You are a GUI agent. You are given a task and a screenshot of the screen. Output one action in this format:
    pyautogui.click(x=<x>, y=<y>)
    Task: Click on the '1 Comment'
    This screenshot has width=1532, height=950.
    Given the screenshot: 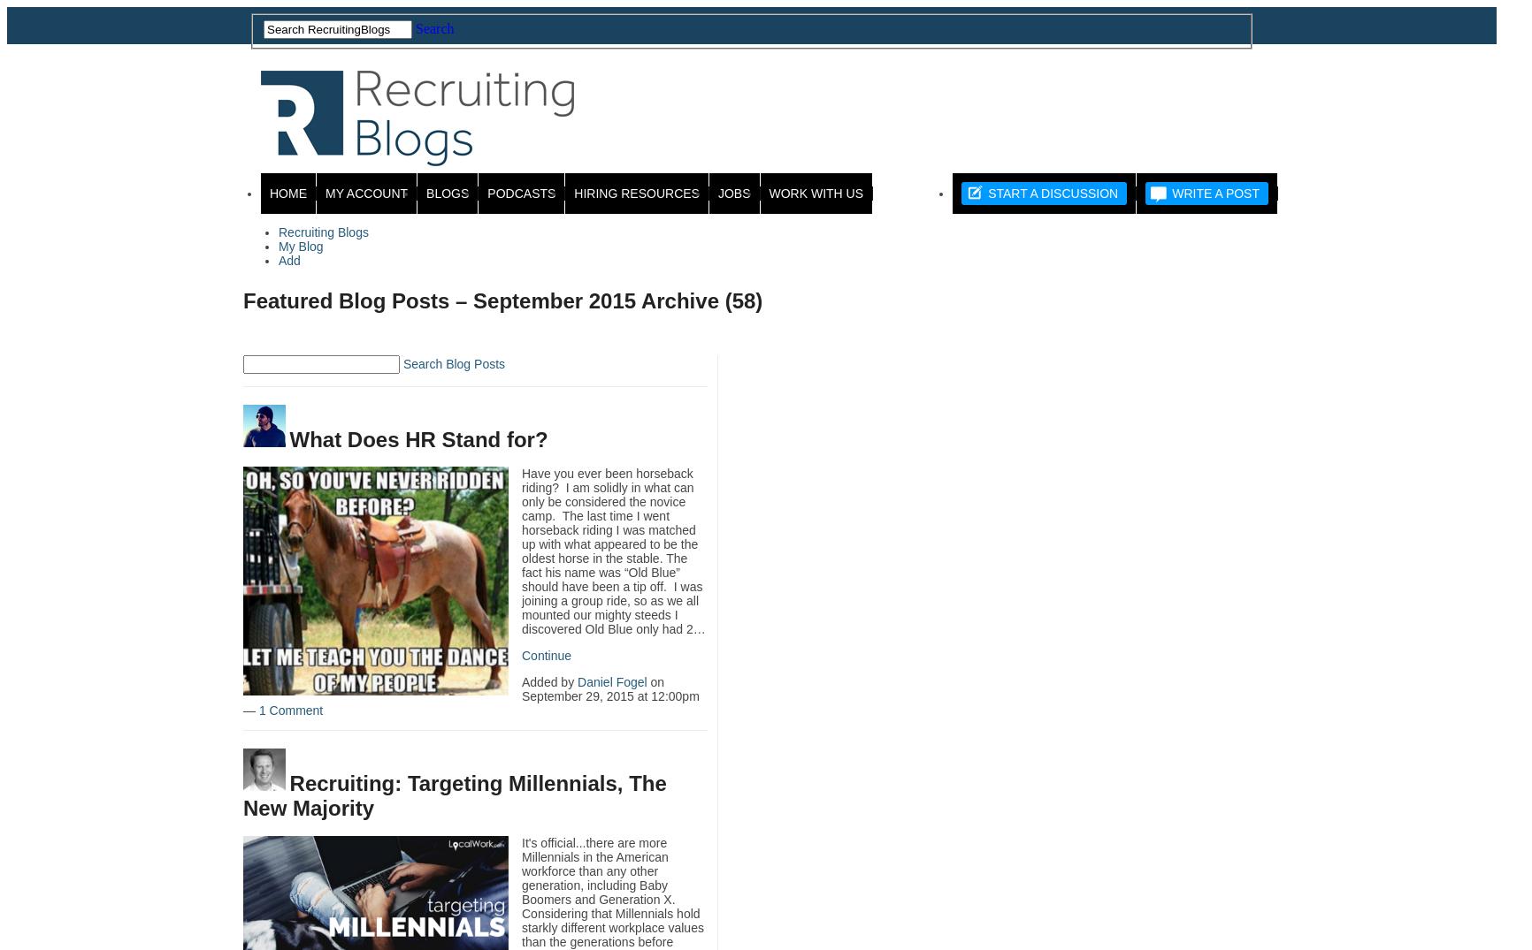 What is the action you would take?
    pyautogui.click(x=289, y=709)
    